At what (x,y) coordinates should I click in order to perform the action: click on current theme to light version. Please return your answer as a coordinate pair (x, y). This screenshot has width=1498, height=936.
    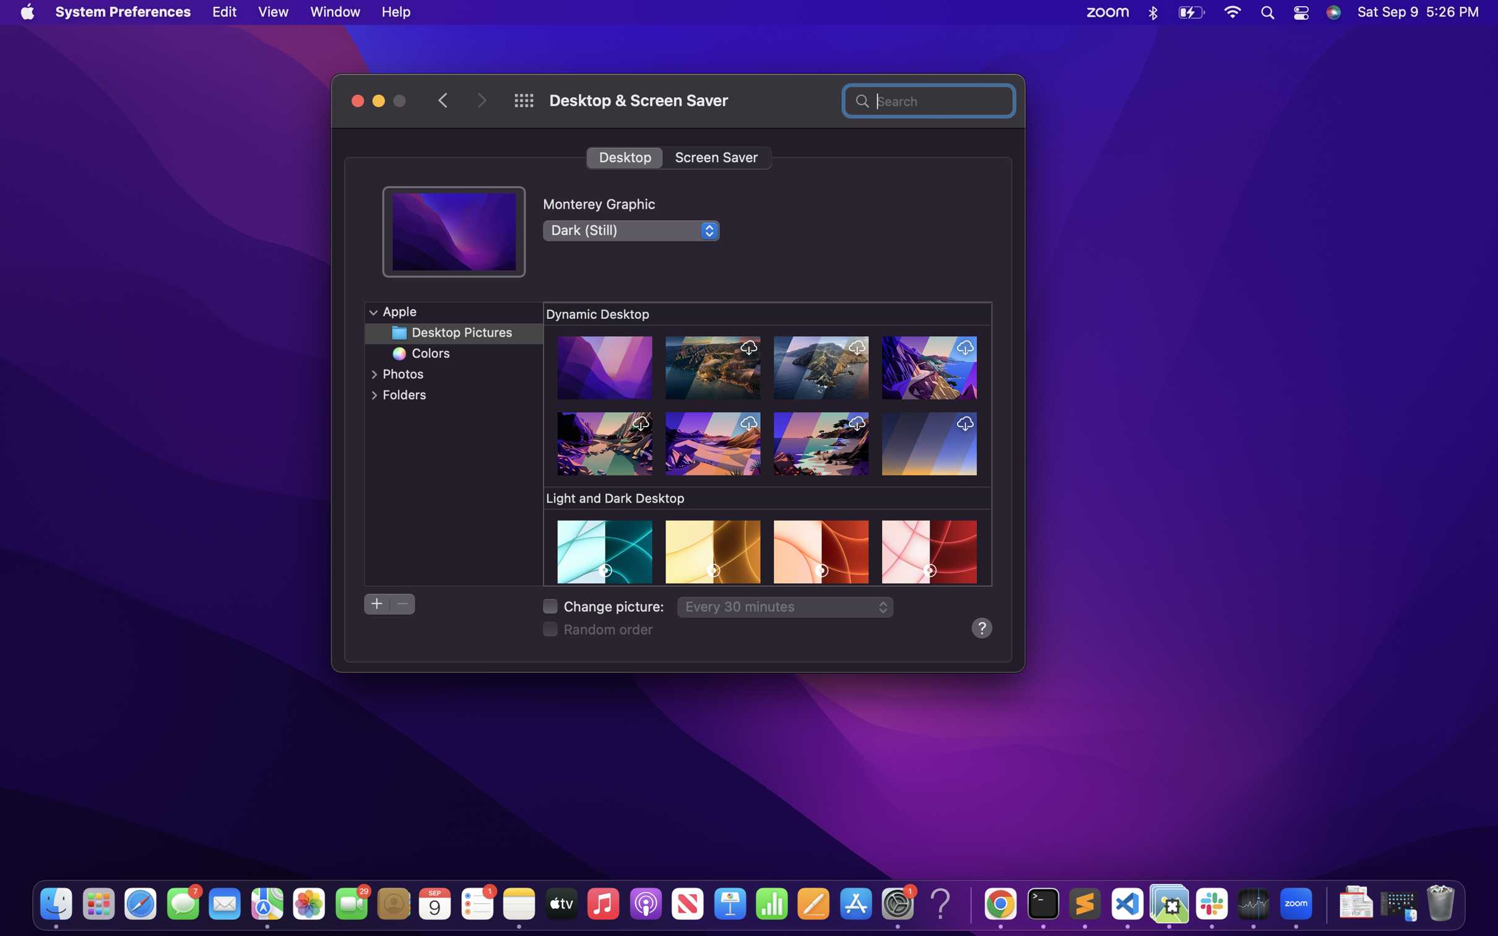
    Looking at the image, I should click on (630, 229).